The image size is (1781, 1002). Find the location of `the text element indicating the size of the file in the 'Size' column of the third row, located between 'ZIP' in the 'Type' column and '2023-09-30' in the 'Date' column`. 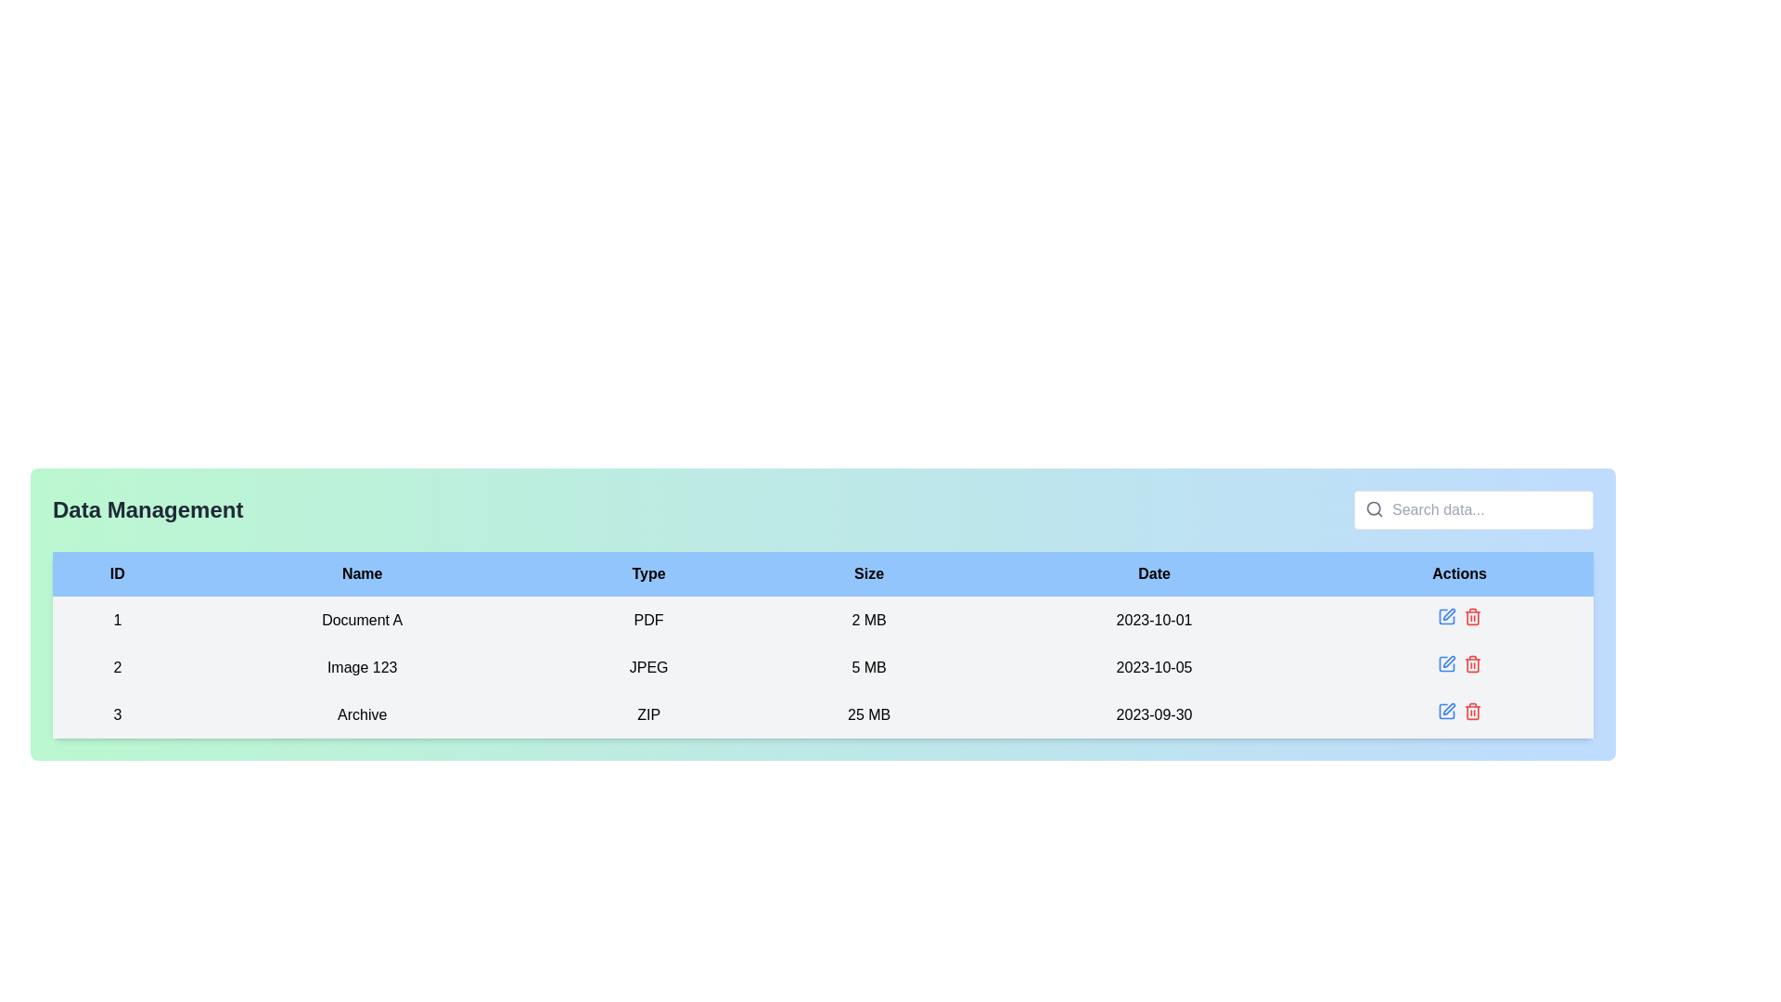

the text element indicating the size of the file in the 'Size' column of the third row, located between 'ZIP' in the 'Type' column and '2023-09-30' in the 'Date' column is located at coordinates (868, 713).